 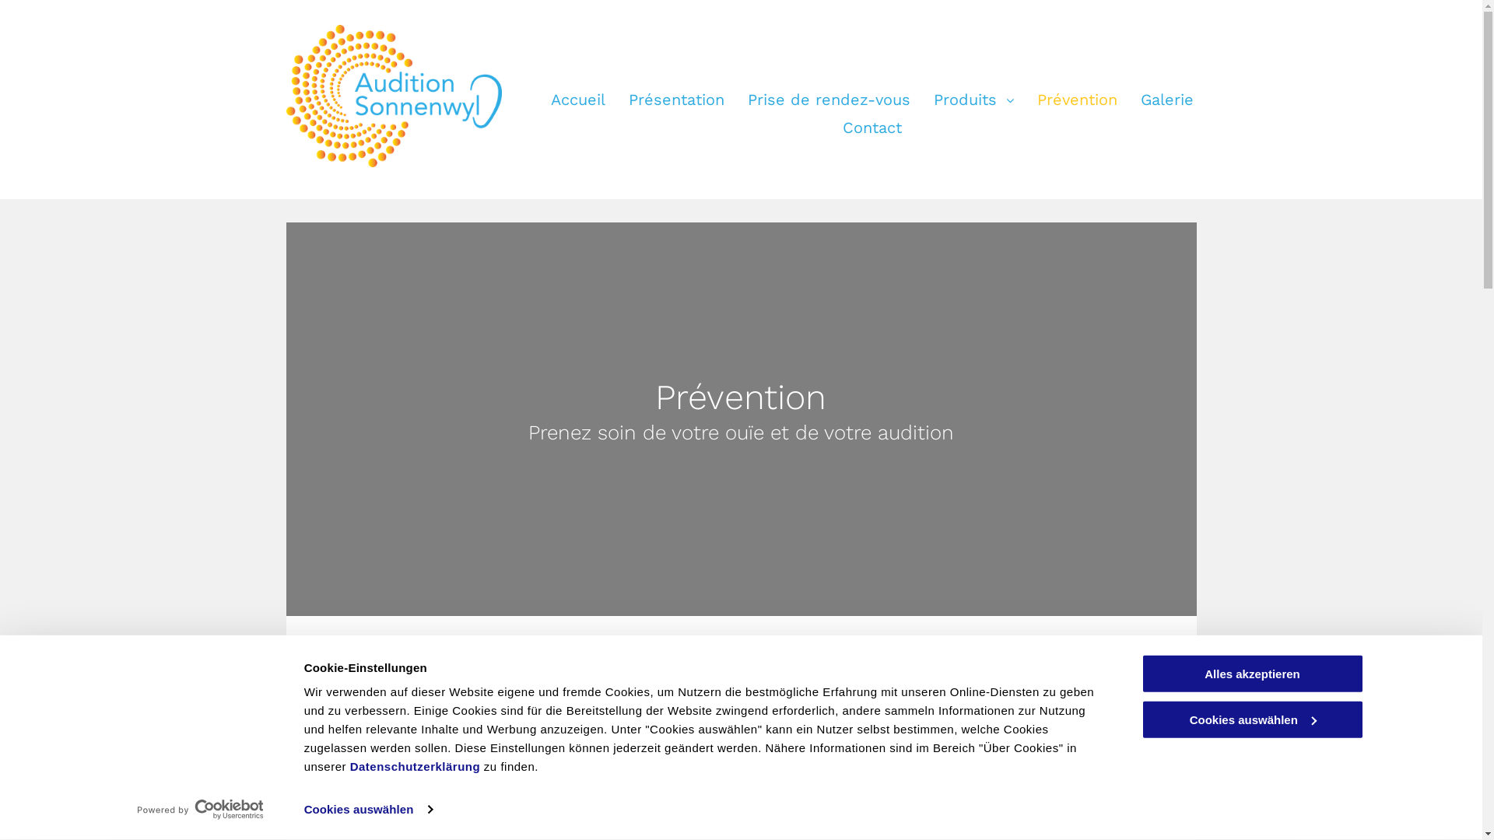 I want to click on 'Alles akzeptieren', so click(x=1251, y=673).